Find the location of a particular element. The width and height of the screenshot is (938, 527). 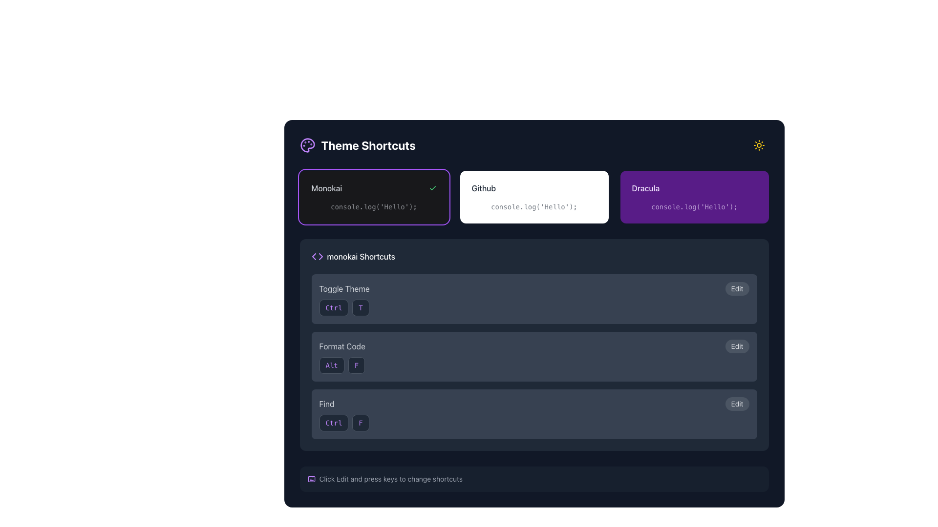

the selectable tile labeled 'Github' which contains the text 'console.log('Hello');' below it is located at coordinates (533, 197).